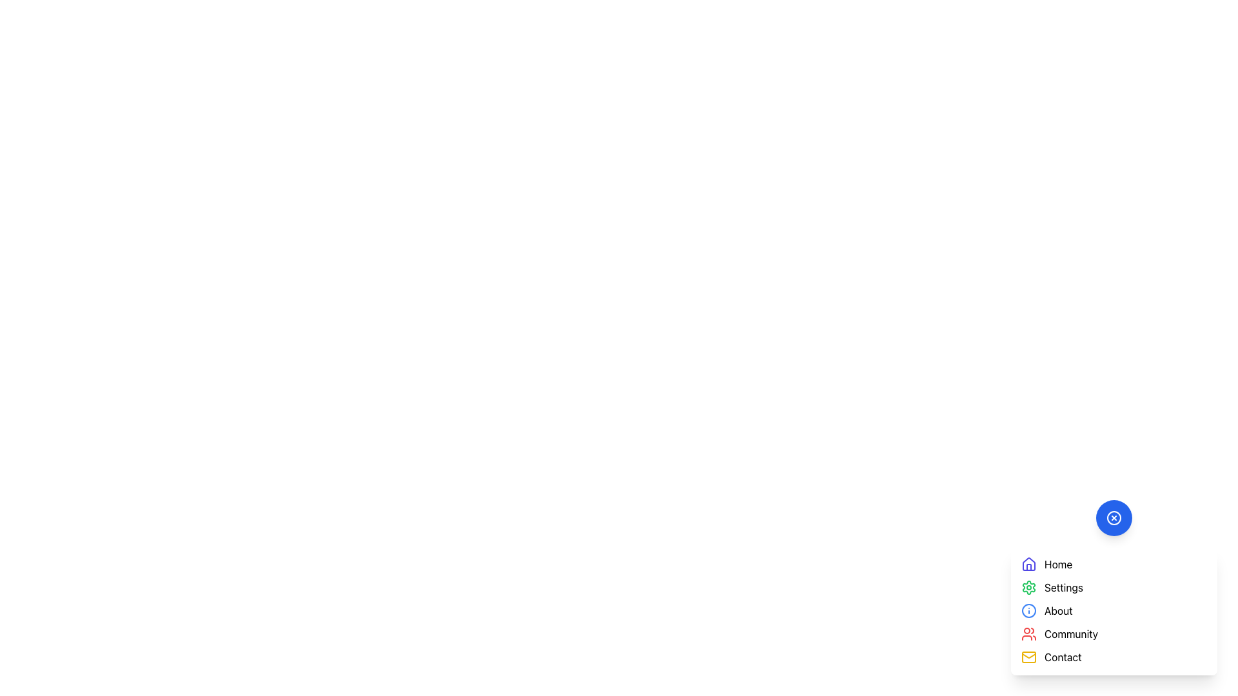 Image resolution: width=1238 pixels, height=696 pixels. Describe the element at coordinates (1114, 587) in the screenshot. I see `the 'Settings' menu item, which is the second item in the vertical navigation menu, positioned below 'Home' and above 'About'` at that location.